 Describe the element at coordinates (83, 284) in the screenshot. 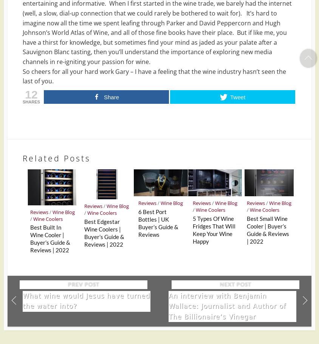

I see `'Prev Post'` at that location.